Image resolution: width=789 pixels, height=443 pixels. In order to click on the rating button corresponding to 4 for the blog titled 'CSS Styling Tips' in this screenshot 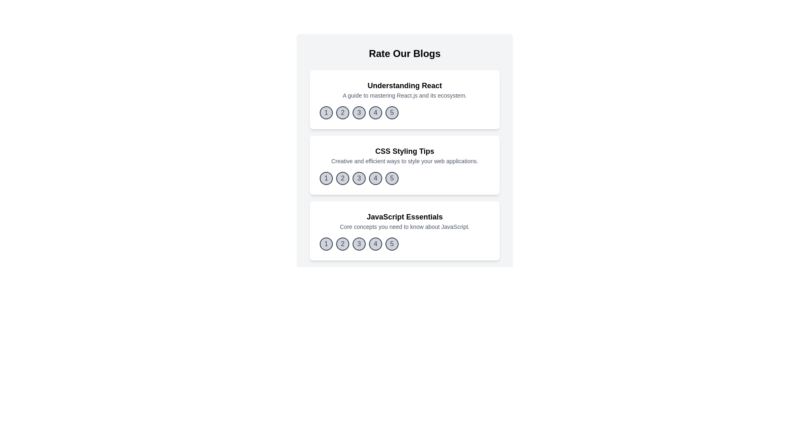, I will do `click(375, 178)`.